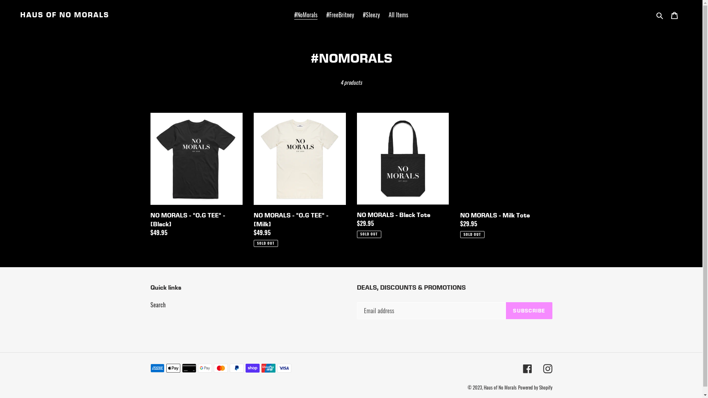  Describe the element at coordinates (517, 387) in the screenshot. I see `'Powered by Shopify'` at that location.